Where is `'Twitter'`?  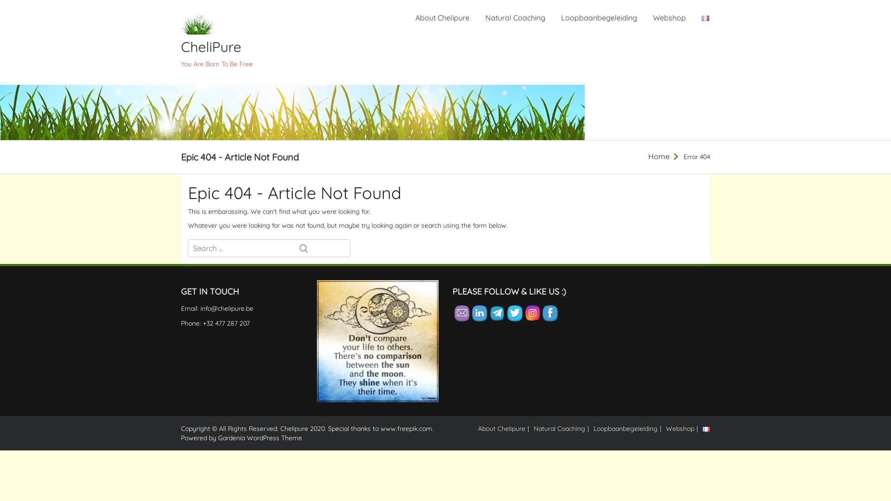
'Twitter' is located at coordinates (514, 313).